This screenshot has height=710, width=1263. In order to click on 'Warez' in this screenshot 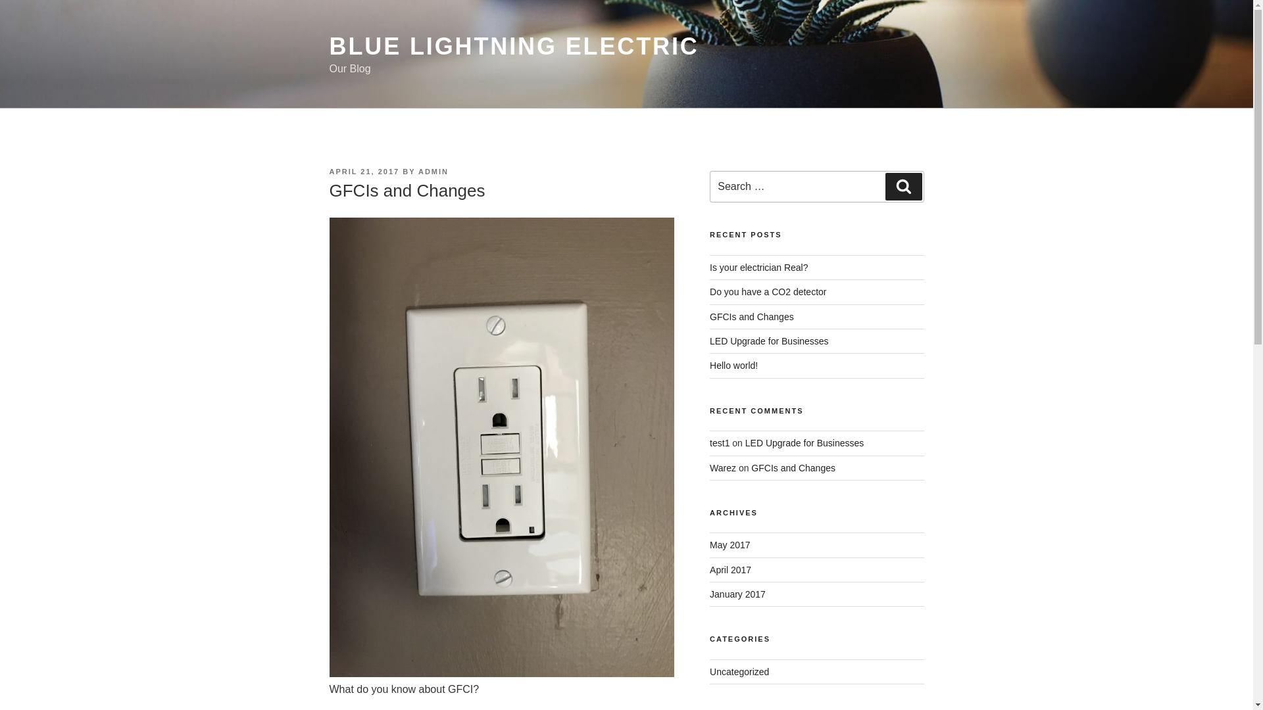, I will do `click(722, 467)`.